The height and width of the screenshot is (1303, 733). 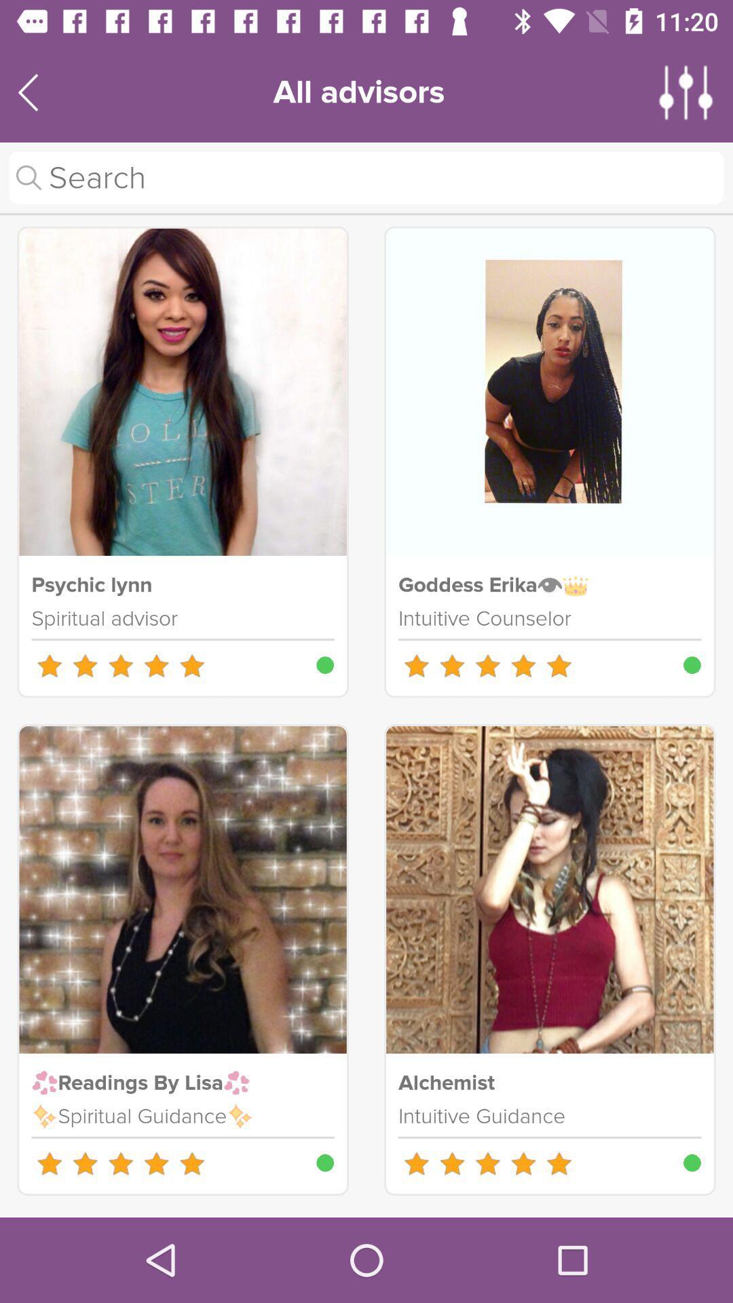 I want to click on the item to the right of the all advisors icon, so click(x=686, y=92).